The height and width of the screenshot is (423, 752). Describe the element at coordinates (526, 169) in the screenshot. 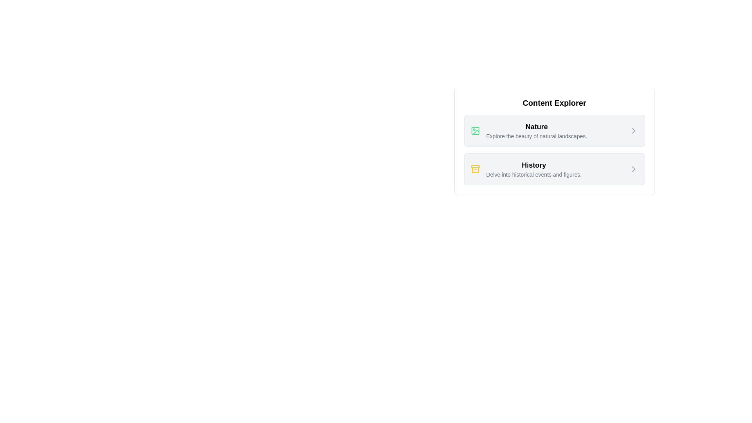

I see `the clickable card-style element located in the second card under the 'Content Explorer' section` at that location.